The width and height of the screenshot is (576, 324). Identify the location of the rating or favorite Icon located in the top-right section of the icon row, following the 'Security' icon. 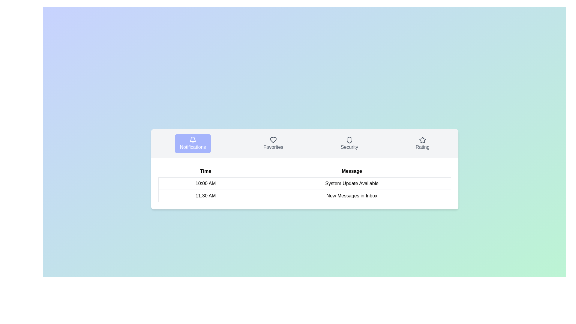
(422, 140).